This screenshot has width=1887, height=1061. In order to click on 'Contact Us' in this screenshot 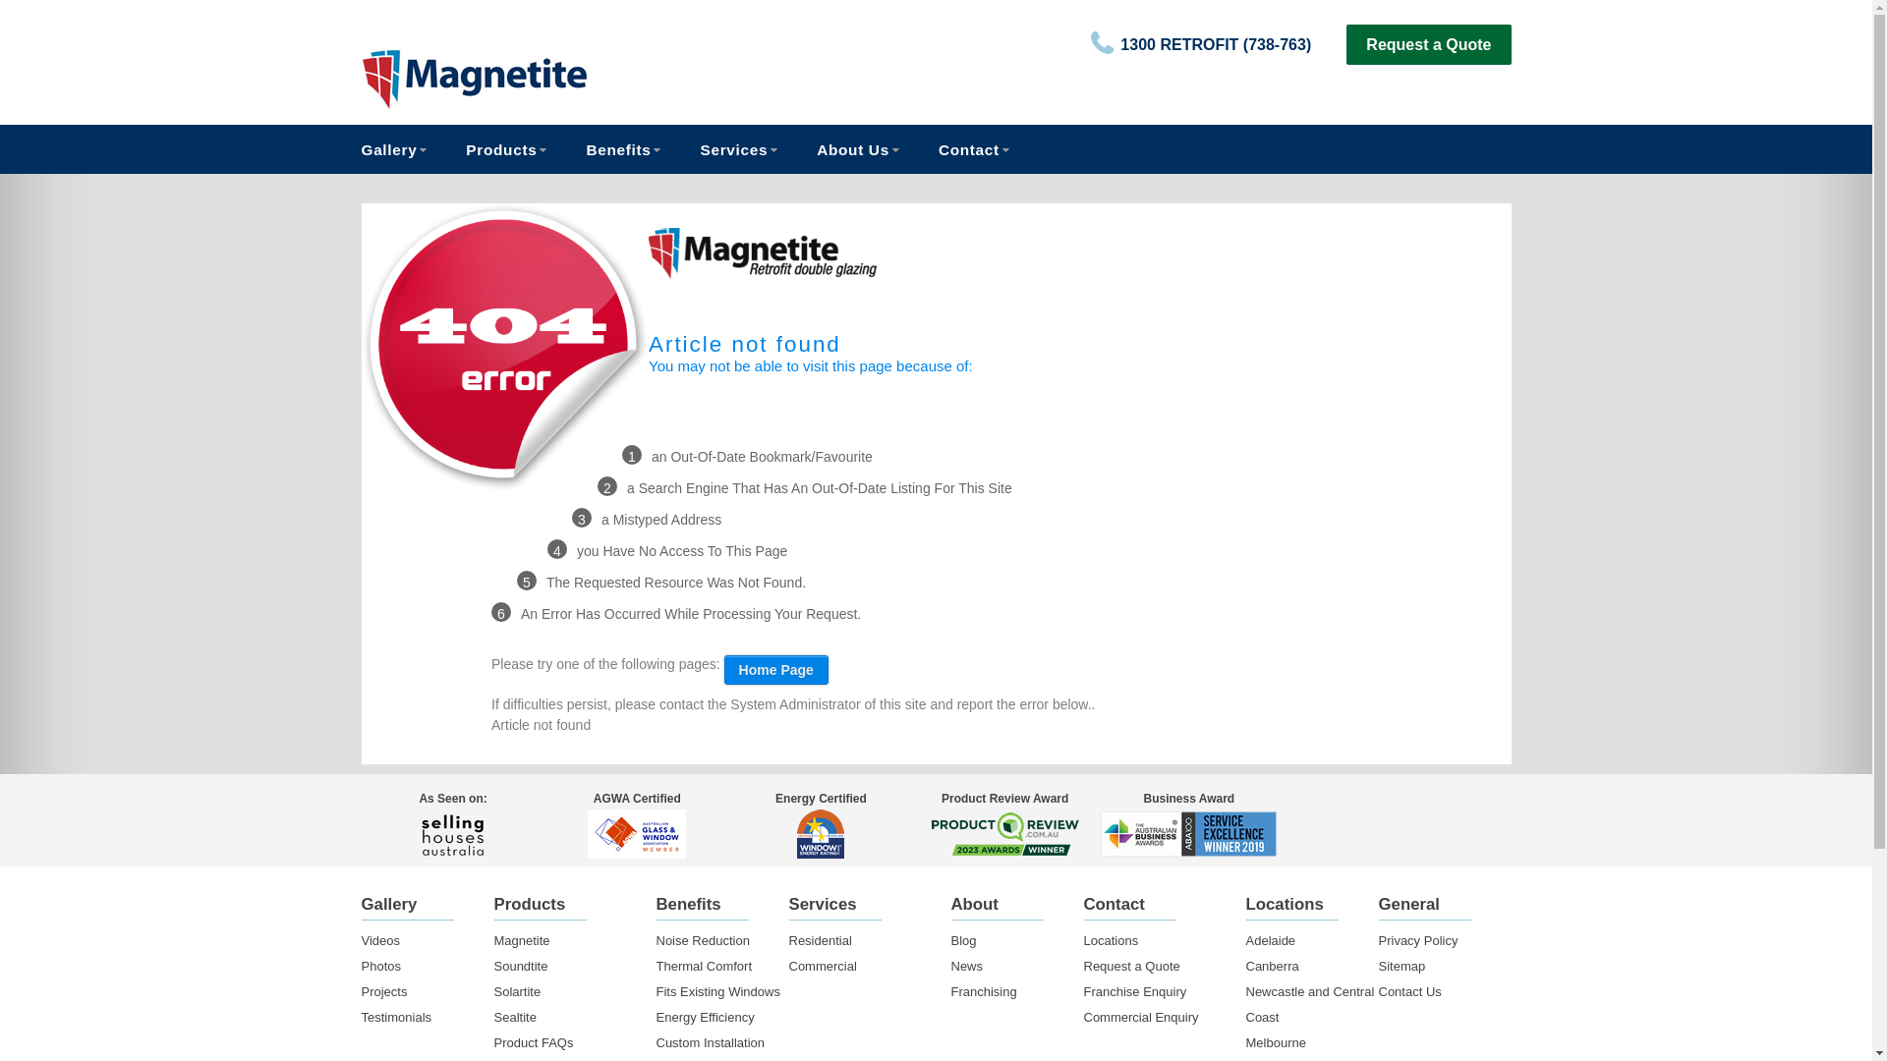, I will do `click(1376, 991)`.